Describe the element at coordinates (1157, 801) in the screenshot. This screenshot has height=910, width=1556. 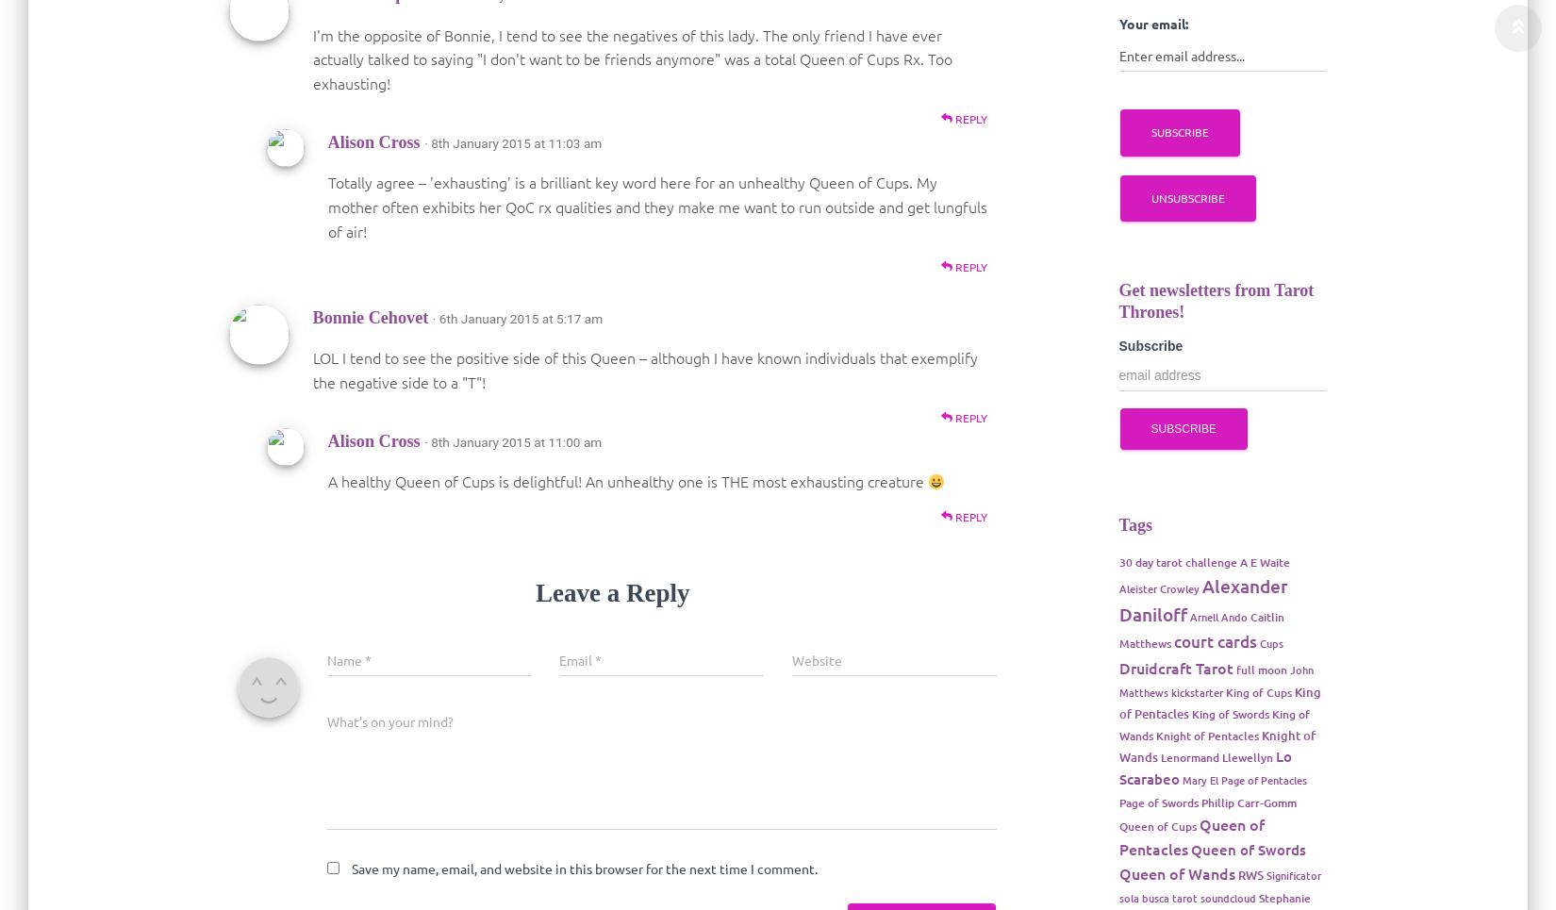
I see `'Page of Swords'` at that location.